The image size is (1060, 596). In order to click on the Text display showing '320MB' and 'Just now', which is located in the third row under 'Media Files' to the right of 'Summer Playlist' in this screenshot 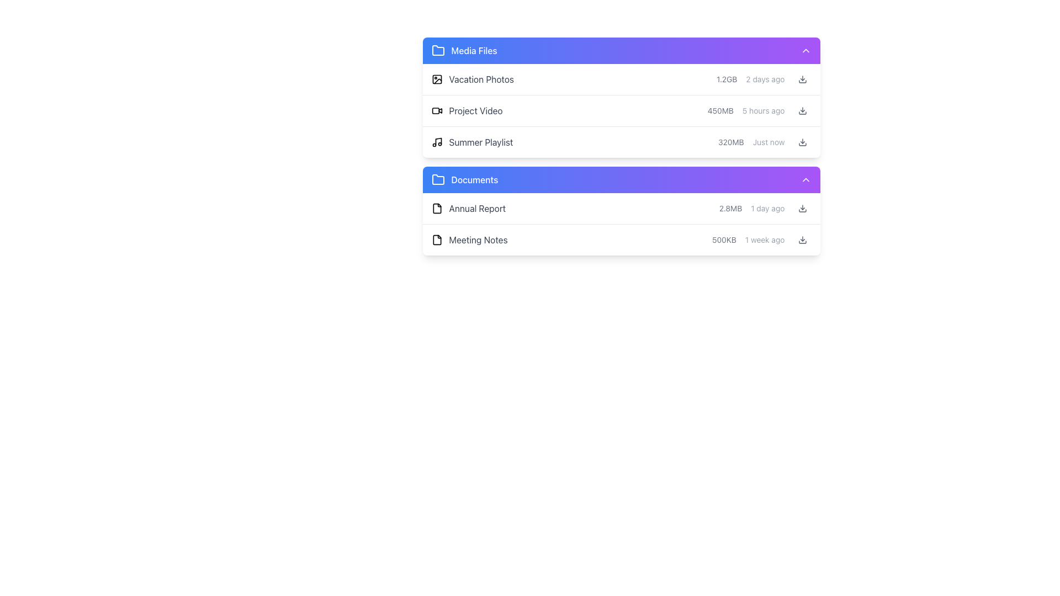, I will do `click(764, 142)`.